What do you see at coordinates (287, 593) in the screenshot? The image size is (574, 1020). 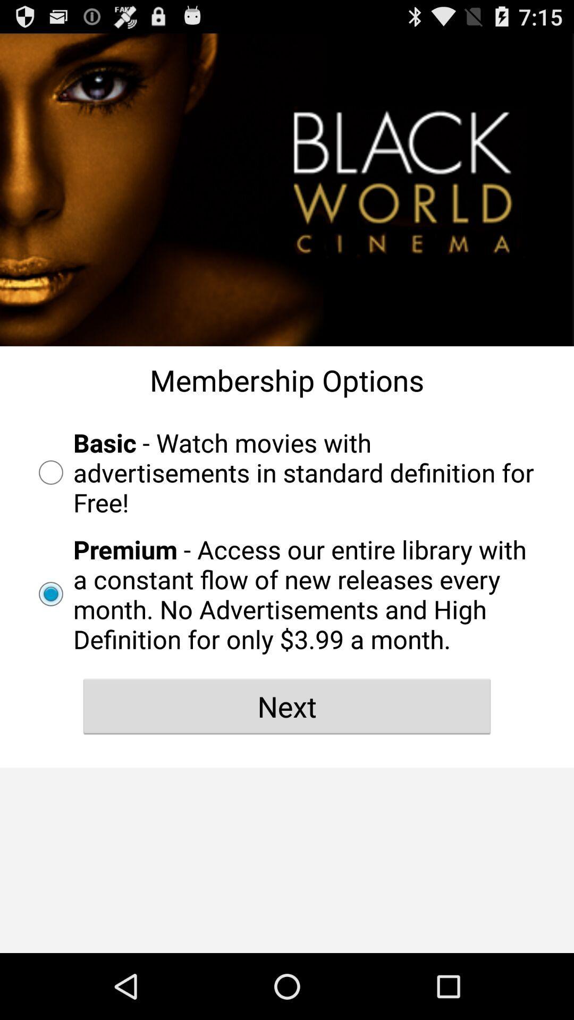 I see `item above next icon` at bounding box center [287, 593].